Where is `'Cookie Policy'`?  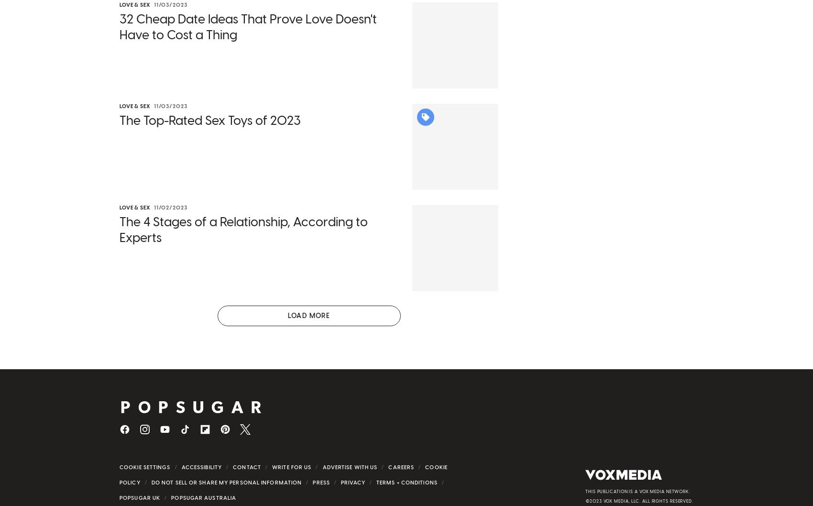 'Cookie Policy' is located at coordinates (283, 477).